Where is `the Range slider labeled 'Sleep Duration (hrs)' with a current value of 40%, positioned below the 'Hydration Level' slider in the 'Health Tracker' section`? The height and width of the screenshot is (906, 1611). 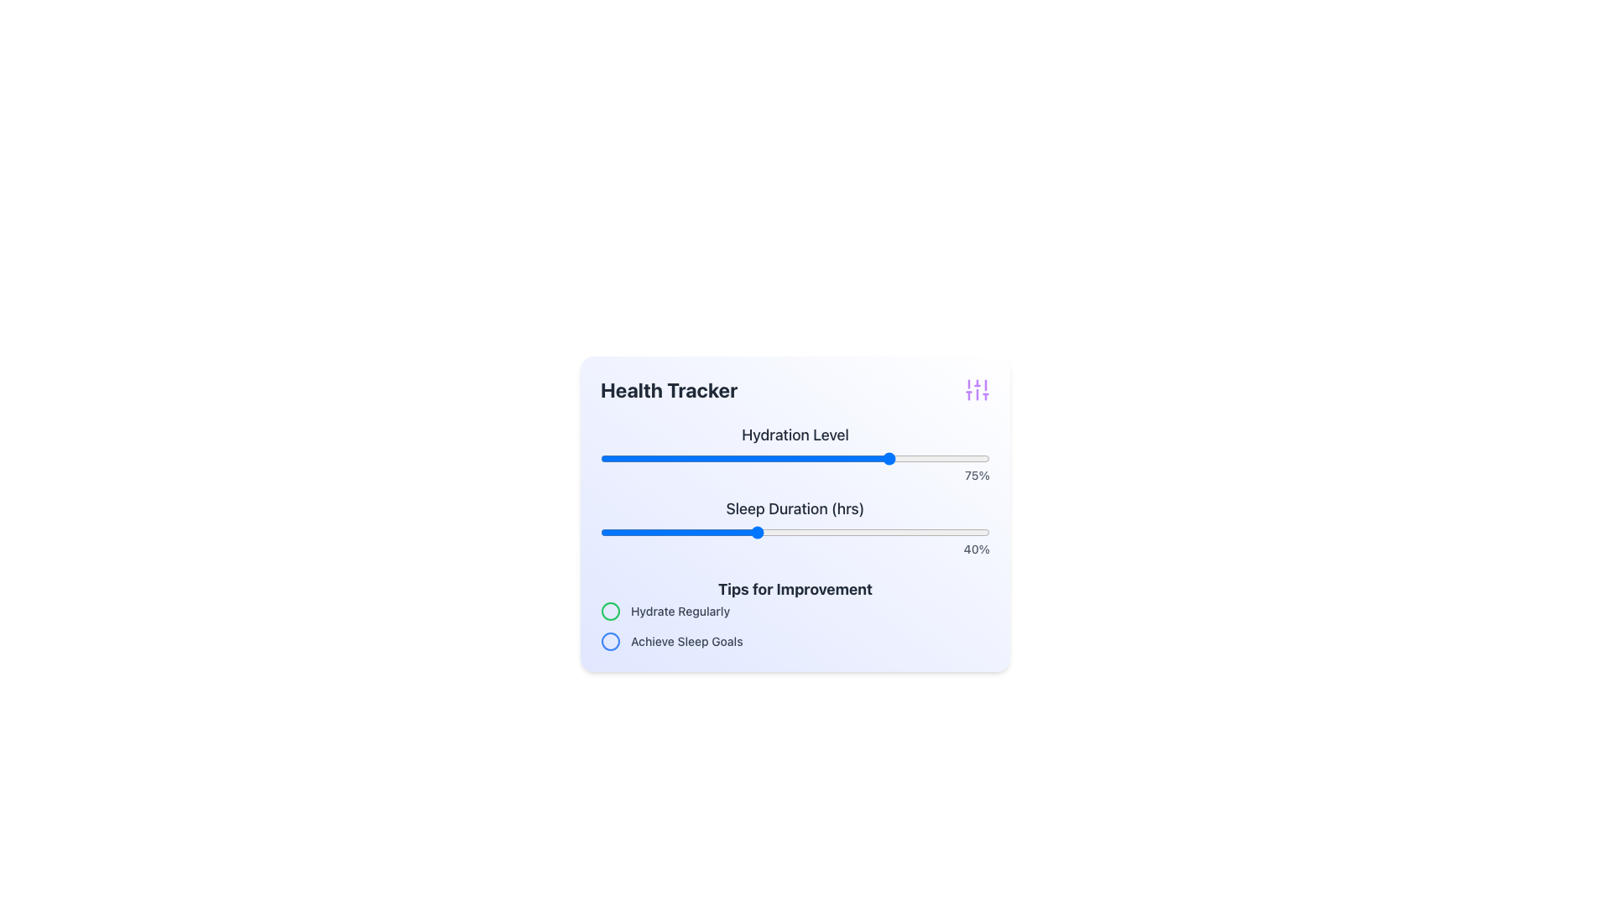 the Range slider labeled 'Sleep Duration (hrs)' with a current value of 40%, positioned below the 'Hydration Level' slider in the 'Health Tracker' section is located at coordinates (795, 526).